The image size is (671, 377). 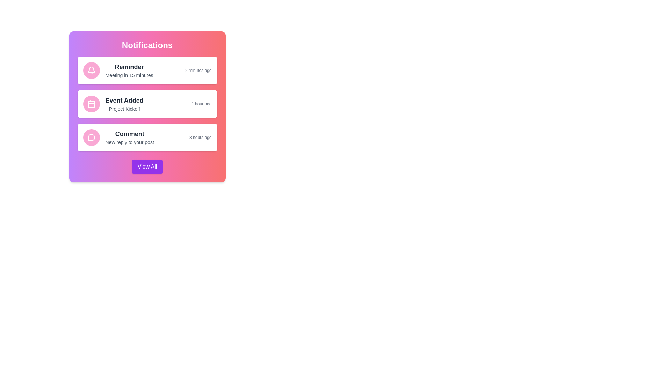 What do you see at coordinates (147, 104) in the screenshot?
I see `the notification item corresponding to Event Added to highlight it` at bounding box center [147, 104].